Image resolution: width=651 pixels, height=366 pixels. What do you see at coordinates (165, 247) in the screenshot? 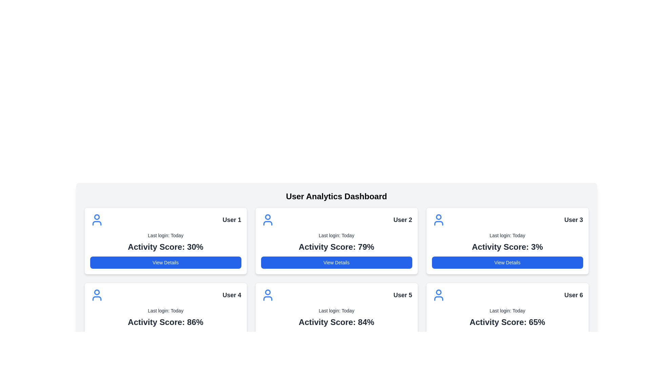
I see `the informational Text Label displaying the activity score of the user in percentage format, located within the 'User 1' user card, positioned below 'Last login: Today' and above 'View Details'` at bounding box center [165, 247].